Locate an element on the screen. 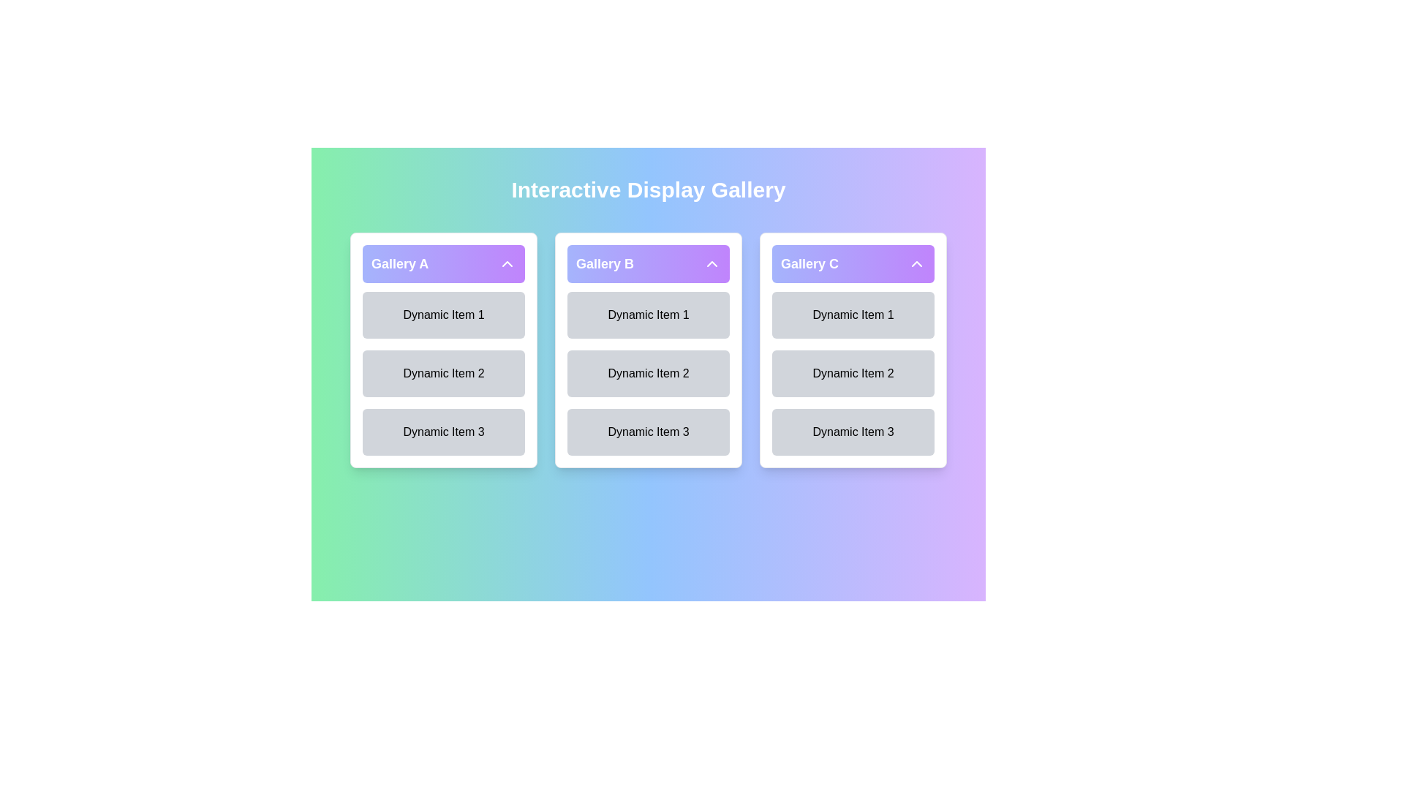 This screenshot has height=790, width=1404. the button-like list item labeled 'Dynamic Item 1' located in the 'Gallery A' section is located at coordinates (442, 315).